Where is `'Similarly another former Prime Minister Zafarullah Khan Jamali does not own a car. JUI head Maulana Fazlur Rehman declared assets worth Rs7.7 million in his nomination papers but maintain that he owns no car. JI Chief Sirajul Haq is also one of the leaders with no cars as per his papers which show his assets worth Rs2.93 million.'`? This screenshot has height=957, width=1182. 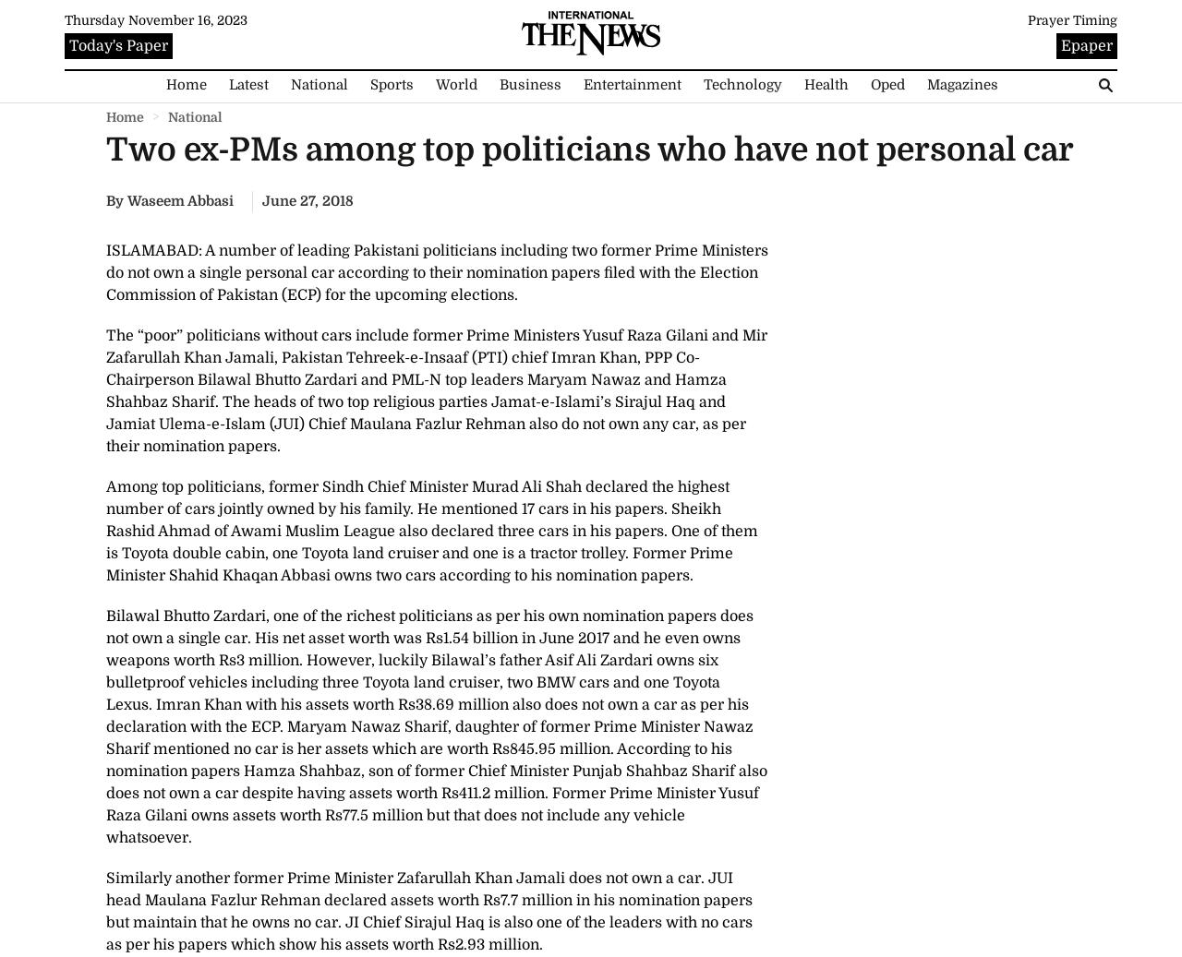 'Similarly another former Prime Minister Zafarullah Khan Jamali does not own a car. JUI head Maulana Fazlur Rehman declared assets worth Rs7.7 million in his nomination papers but maintain that he owns no car. JI Chief Sirajul Haq is also one of the leaders with no cars as per his papers which show his assets worth Rs2.93 million.' is located at coordinates (428, 911).